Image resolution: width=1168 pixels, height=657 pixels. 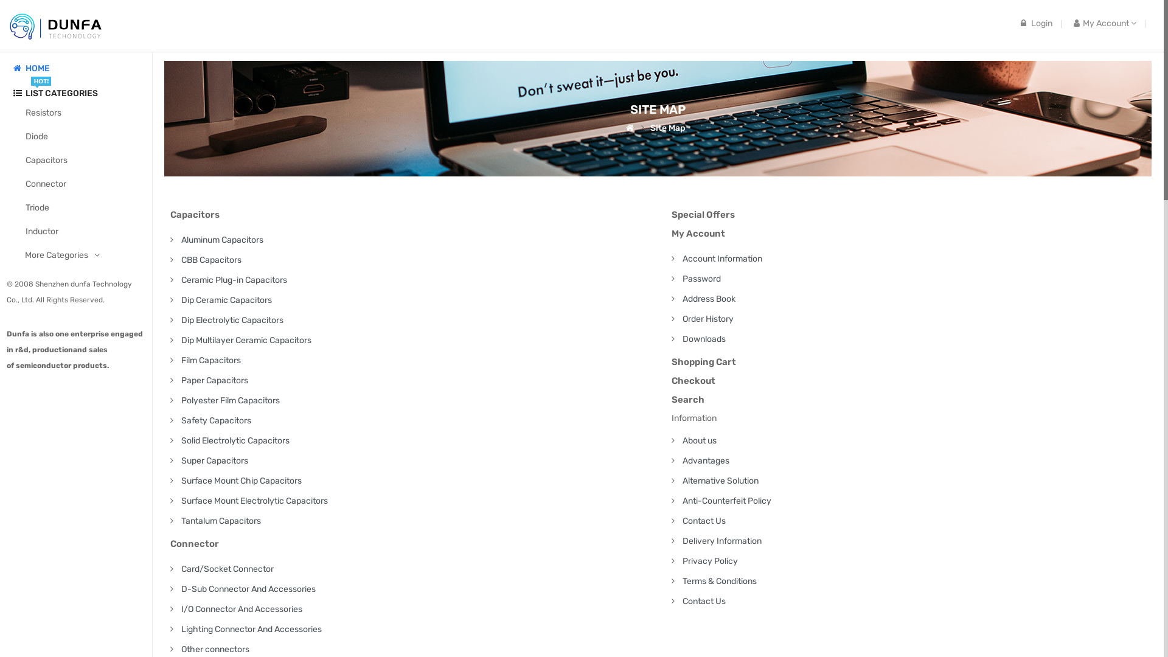 I want to click on 'Dip Multilayer Ceramic Capacitors', so click(x=245, y=340).